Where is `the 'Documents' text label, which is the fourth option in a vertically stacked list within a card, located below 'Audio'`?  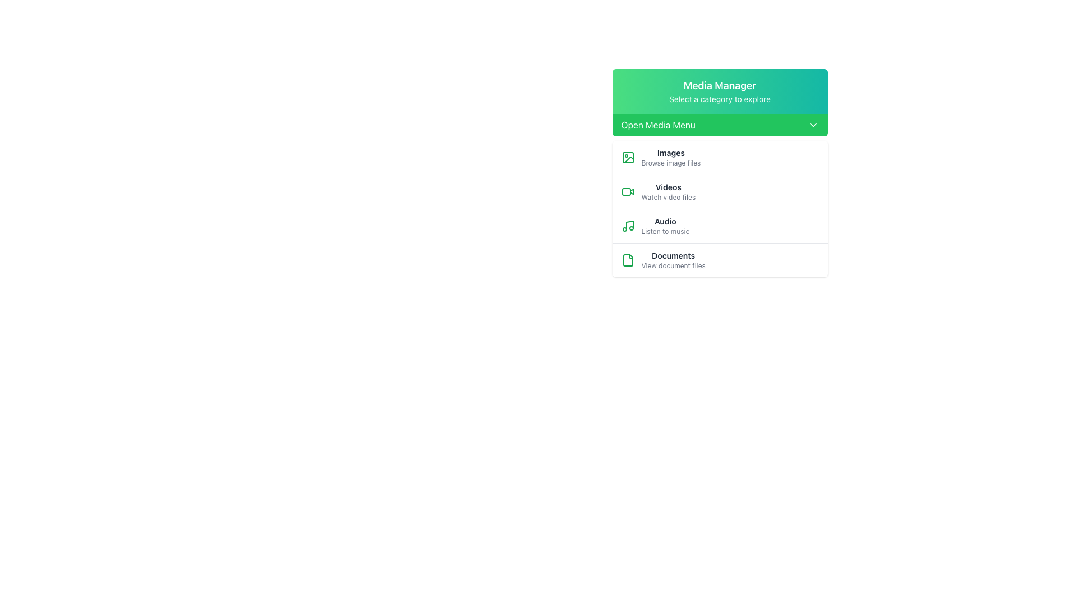
the 'Documents' text label, which is the fourth option in a vertically stacked list within a card, located below 'Audio' is located at coordinates (673, 260).